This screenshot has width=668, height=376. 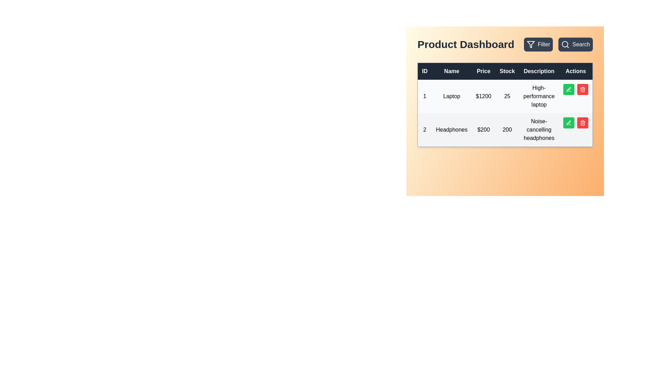 I want to click on the magnifying glass icon in the top-right corner of the interface to initiate a search, so click(x=565, y=44).